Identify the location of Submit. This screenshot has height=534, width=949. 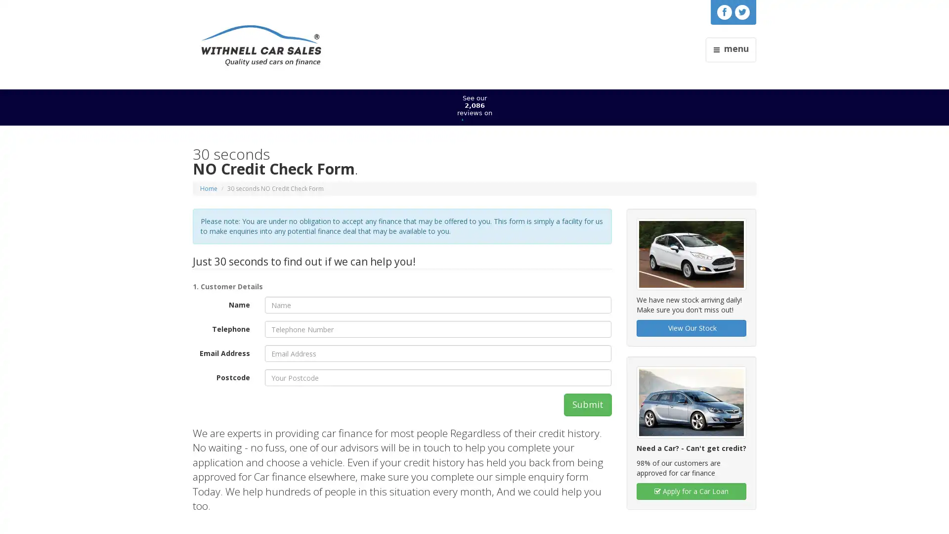
(587, 404).